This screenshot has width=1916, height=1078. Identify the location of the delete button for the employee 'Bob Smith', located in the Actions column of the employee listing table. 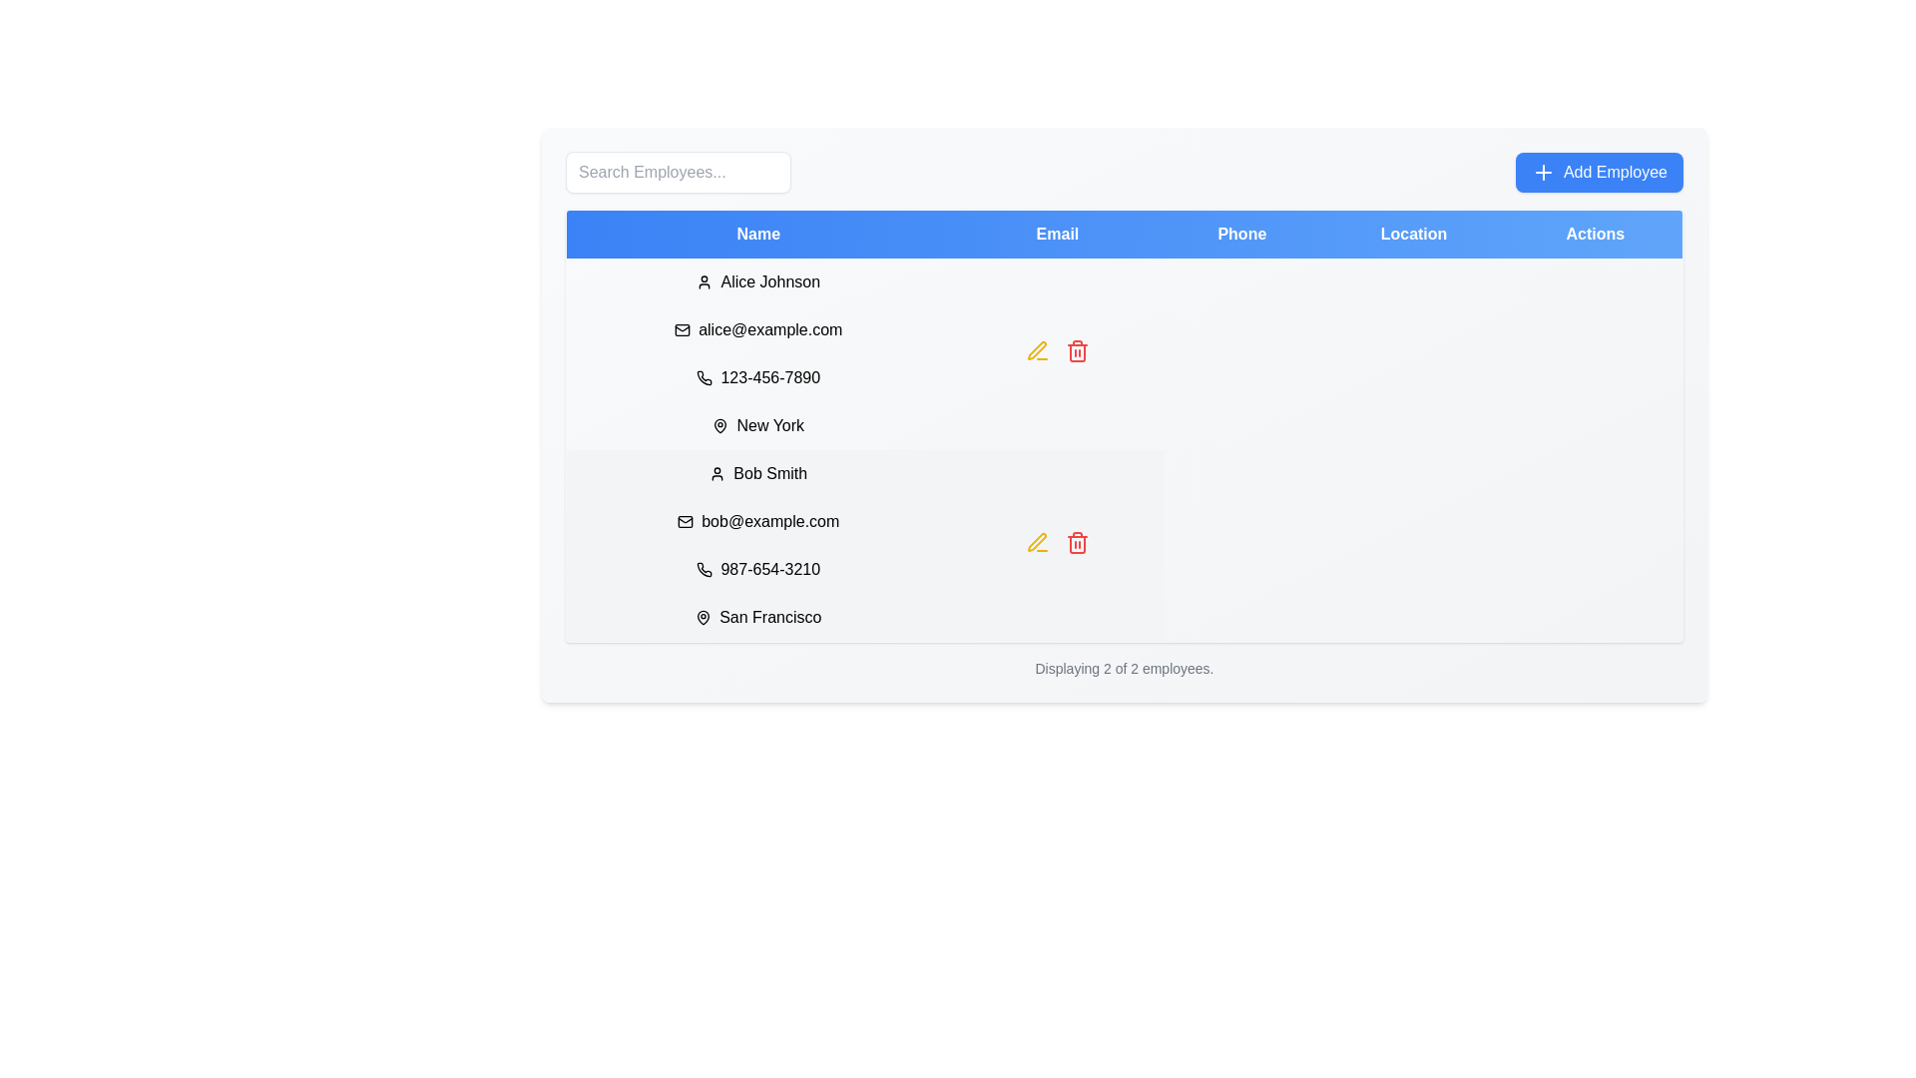
(1077, 542).